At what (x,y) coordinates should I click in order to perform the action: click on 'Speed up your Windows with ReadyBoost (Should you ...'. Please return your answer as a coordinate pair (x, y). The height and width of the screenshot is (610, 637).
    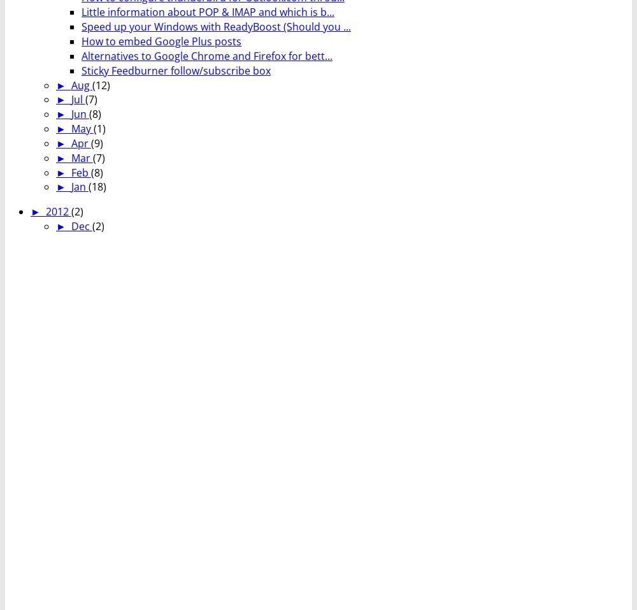
    Looking at the image, I should click on (215, 26).